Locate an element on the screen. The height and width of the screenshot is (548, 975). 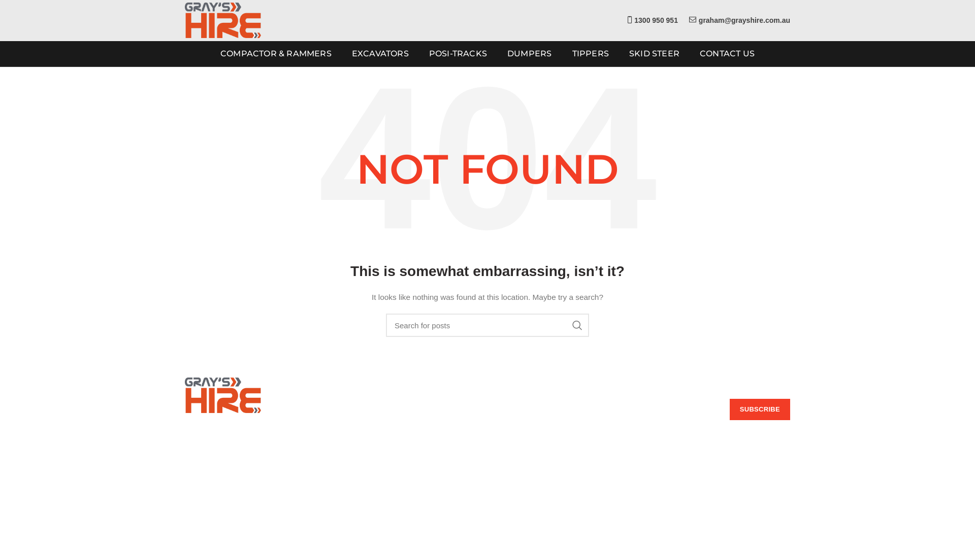
'SKID STEER' is located at coordinates (623, 53).